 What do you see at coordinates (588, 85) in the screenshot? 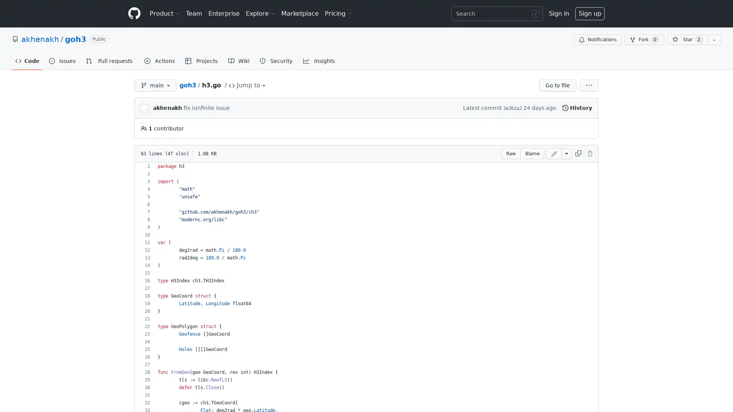
I see `More options` at bounding box center [588, 85].